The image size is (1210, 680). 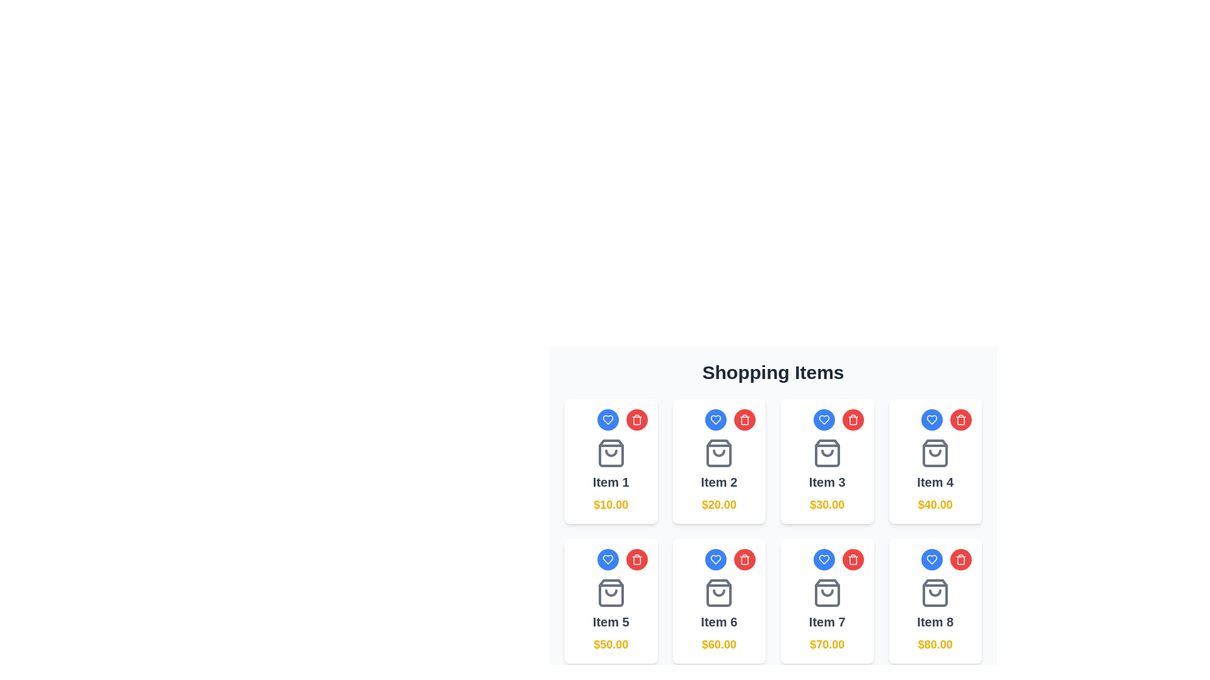 I want to click on text content of the Text label displaying 'Item 4' and '$40.00', which includes a shopping bag icon above it, so click(x=935, y=476).